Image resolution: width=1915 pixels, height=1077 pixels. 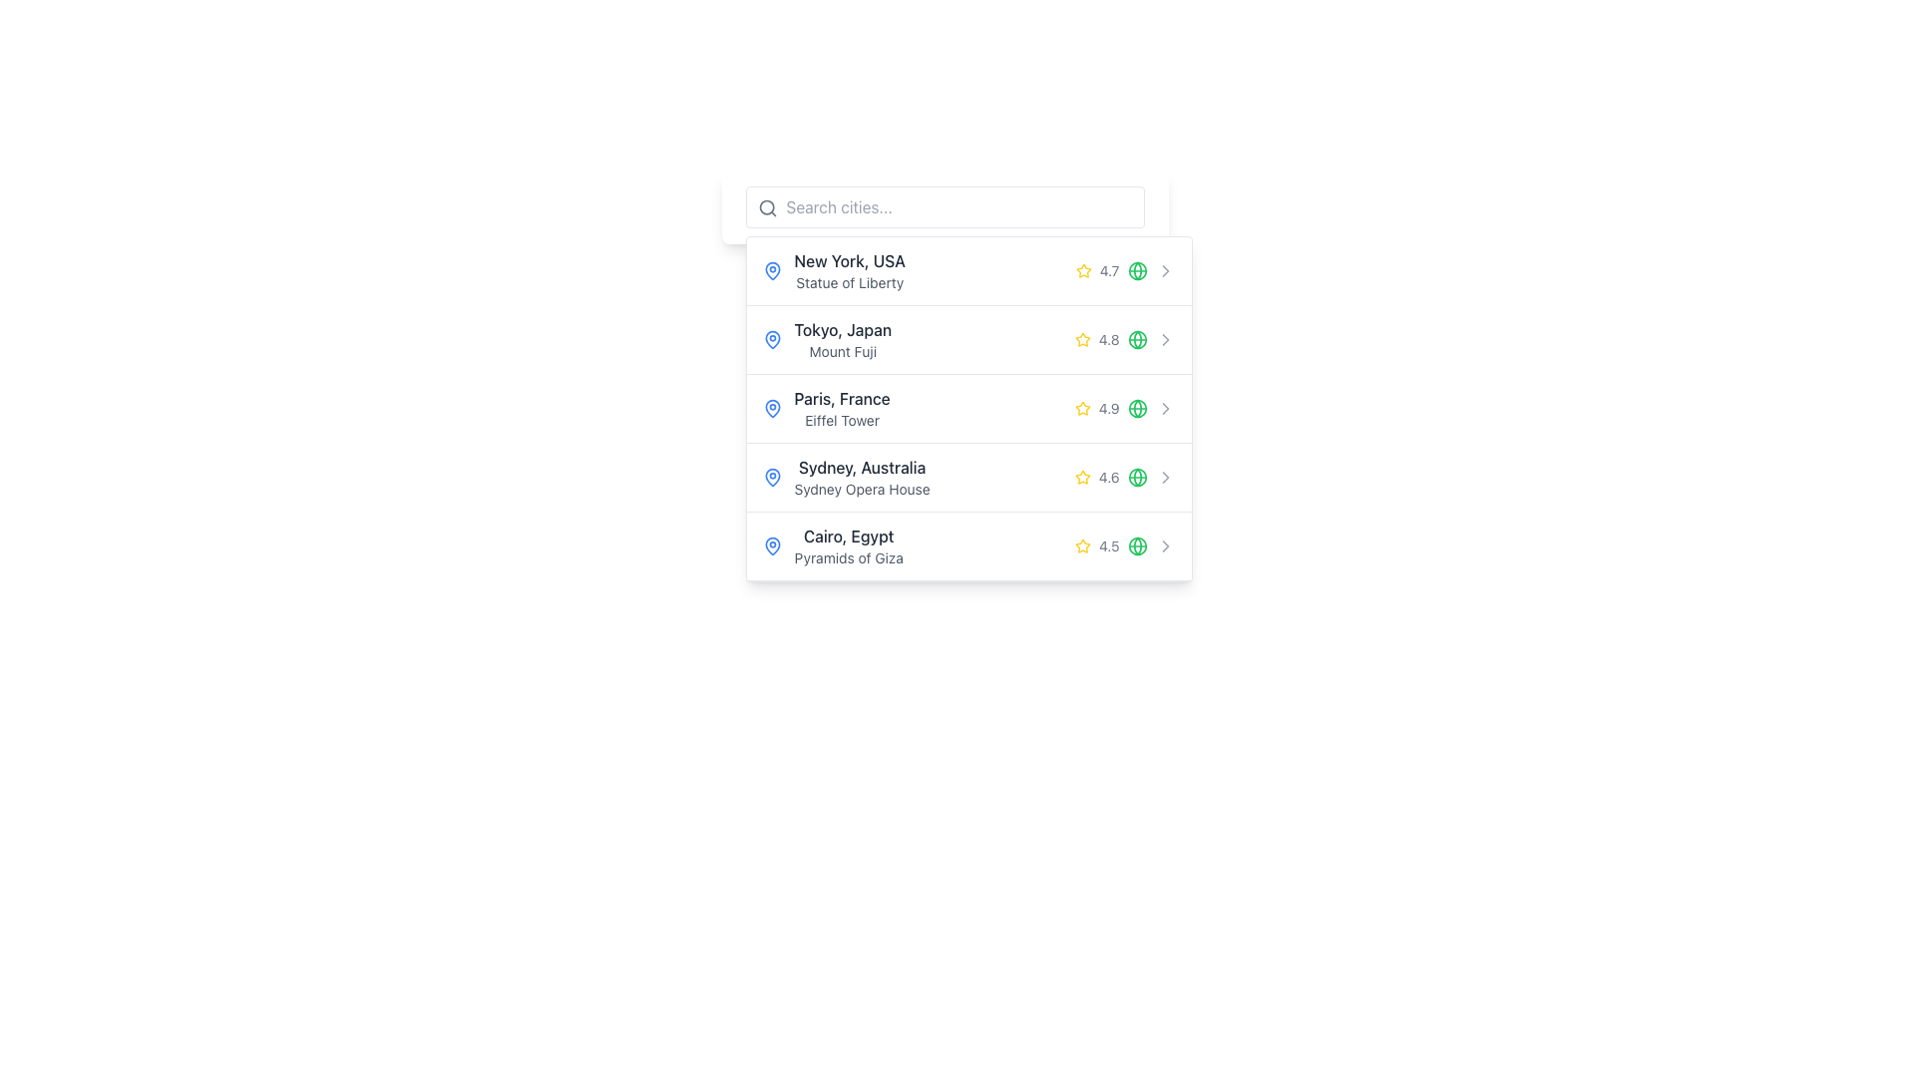 What do you see at coordinates (842, 407) in the screenshot?
I see `to select the location displayed as 'Paris, France' in the vertical list of city-related information, located between the blue marker icon and the numerical rating` at bounding box center [842, 407].